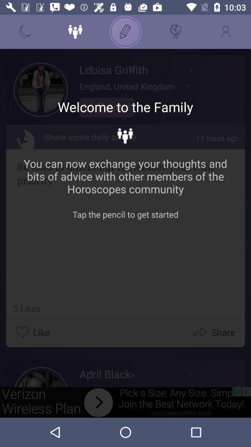 The width and height of the screenshot is (251, 447). What do you see at coordinates (25, 32) in the screenshot?
I see `the icon which is top left corner` at bounding box center [25, 32].